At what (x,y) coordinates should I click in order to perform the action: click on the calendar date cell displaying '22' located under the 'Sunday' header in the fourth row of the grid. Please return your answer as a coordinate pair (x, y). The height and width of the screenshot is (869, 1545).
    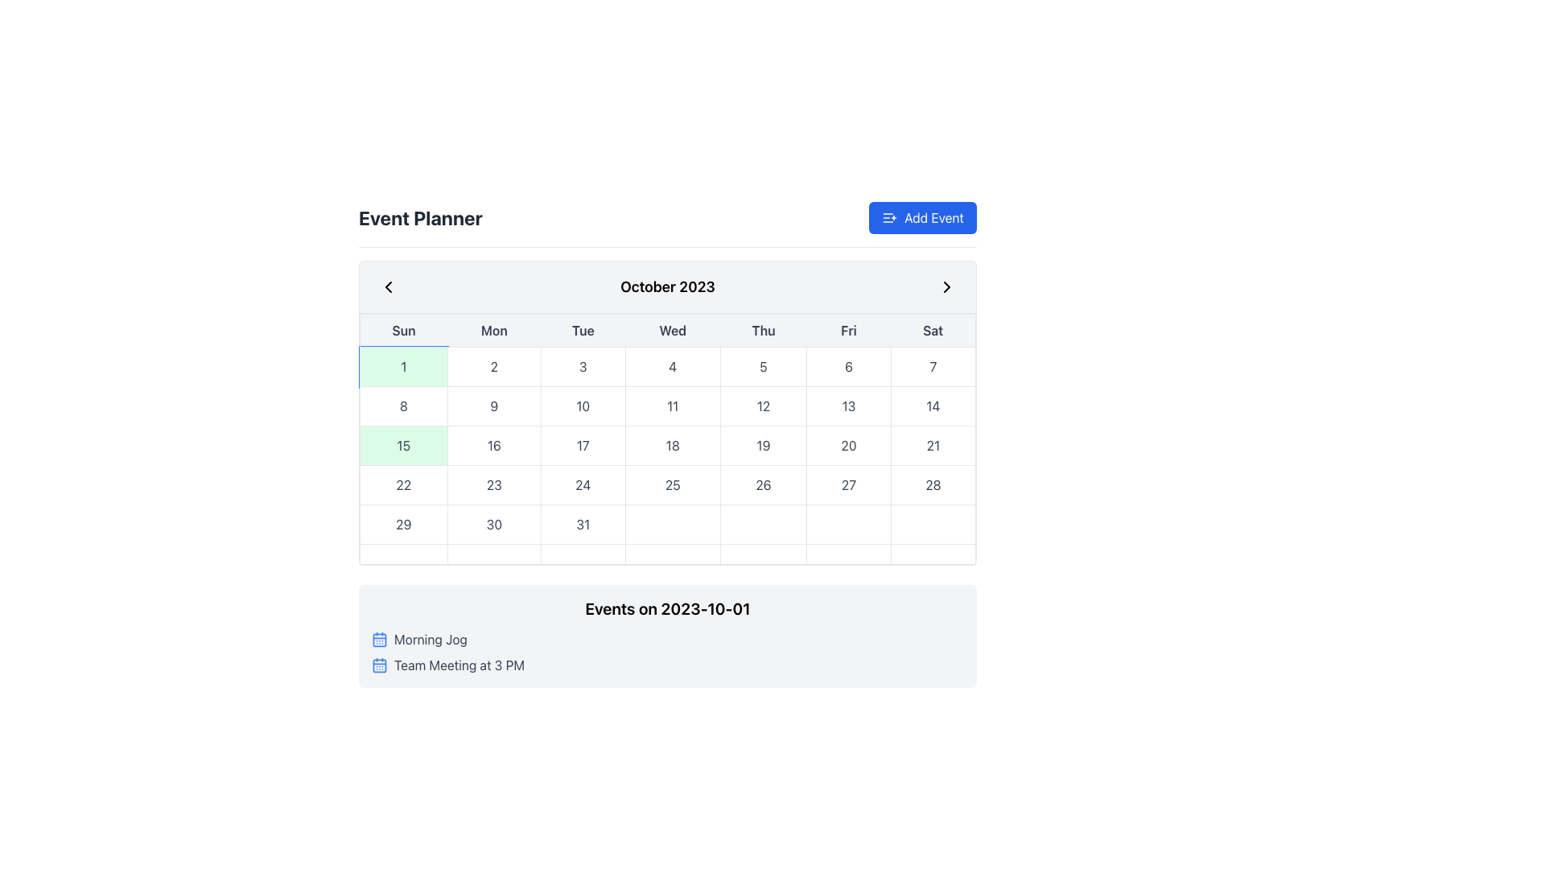
    Looking at the image, I should click on (403, 484).